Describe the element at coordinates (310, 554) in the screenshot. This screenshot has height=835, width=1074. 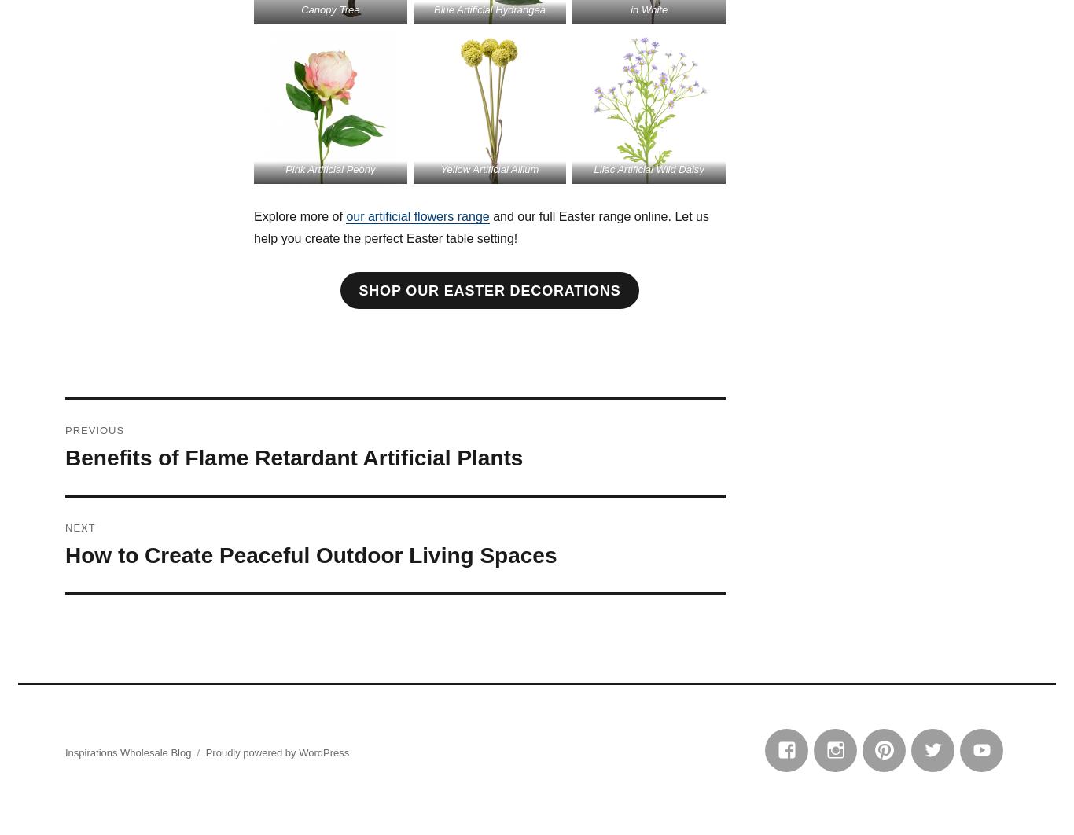
I see `'How to Create Peaceful Outdoor Living Spaces'` at that location.